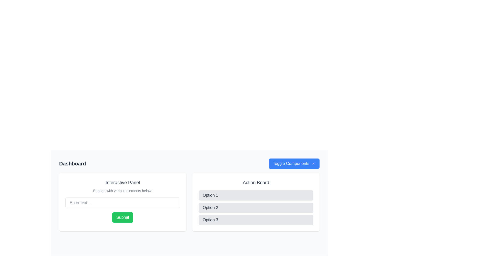 The image size is (492, 277). What do you see at coordinates (256, 202) in the screenshot?
I see `the 'Option 2' list item, which is a horizontal rectangular section with a light gray background and rounded corners, positioned in the 'Action Board' panel between 'Option 1' and 'Option 3'` at bounding box center [256, 202].